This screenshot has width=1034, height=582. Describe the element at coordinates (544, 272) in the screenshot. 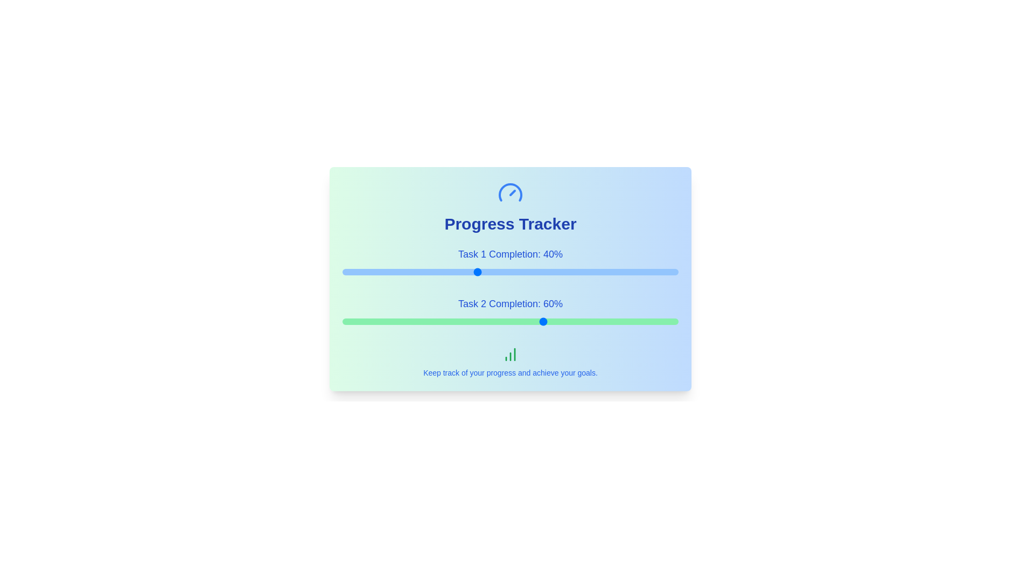

I see `the progress value` at that location.